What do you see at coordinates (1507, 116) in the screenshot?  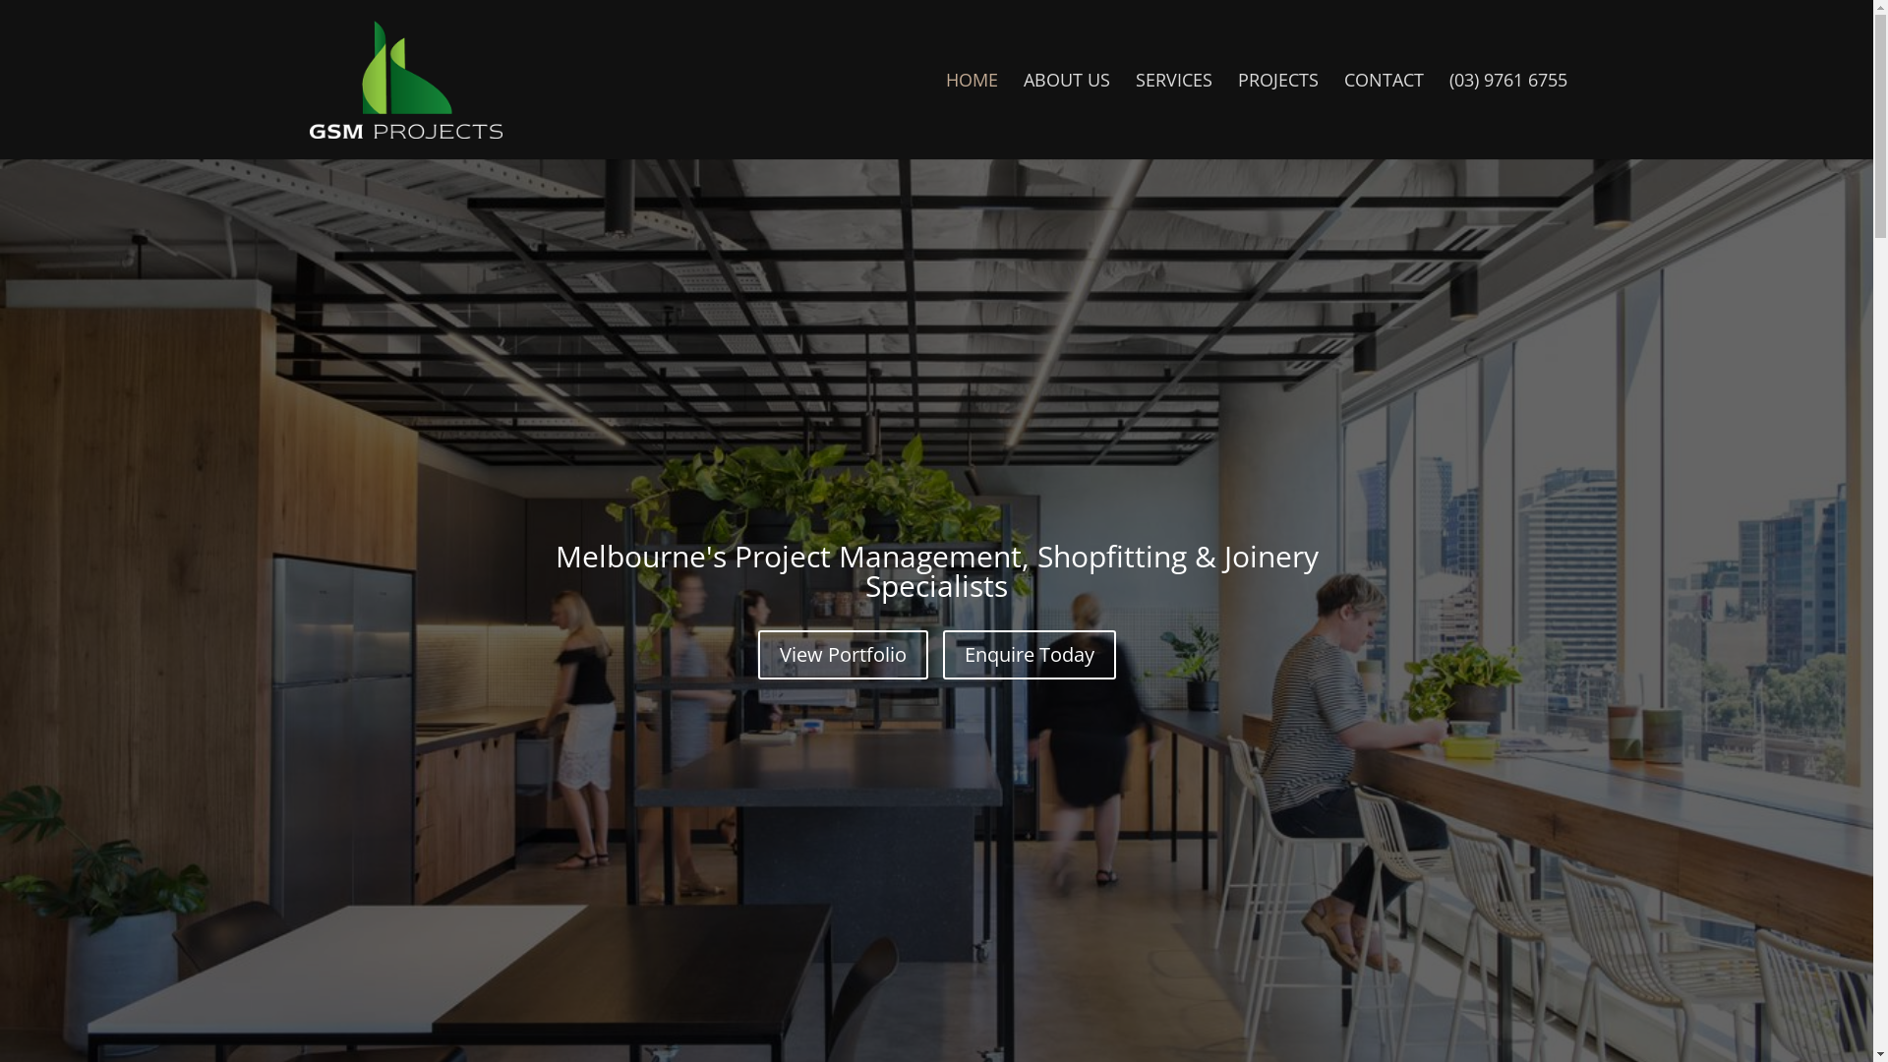 I see `'(03) 9761 6755'` at bounding box center [1507, 116].